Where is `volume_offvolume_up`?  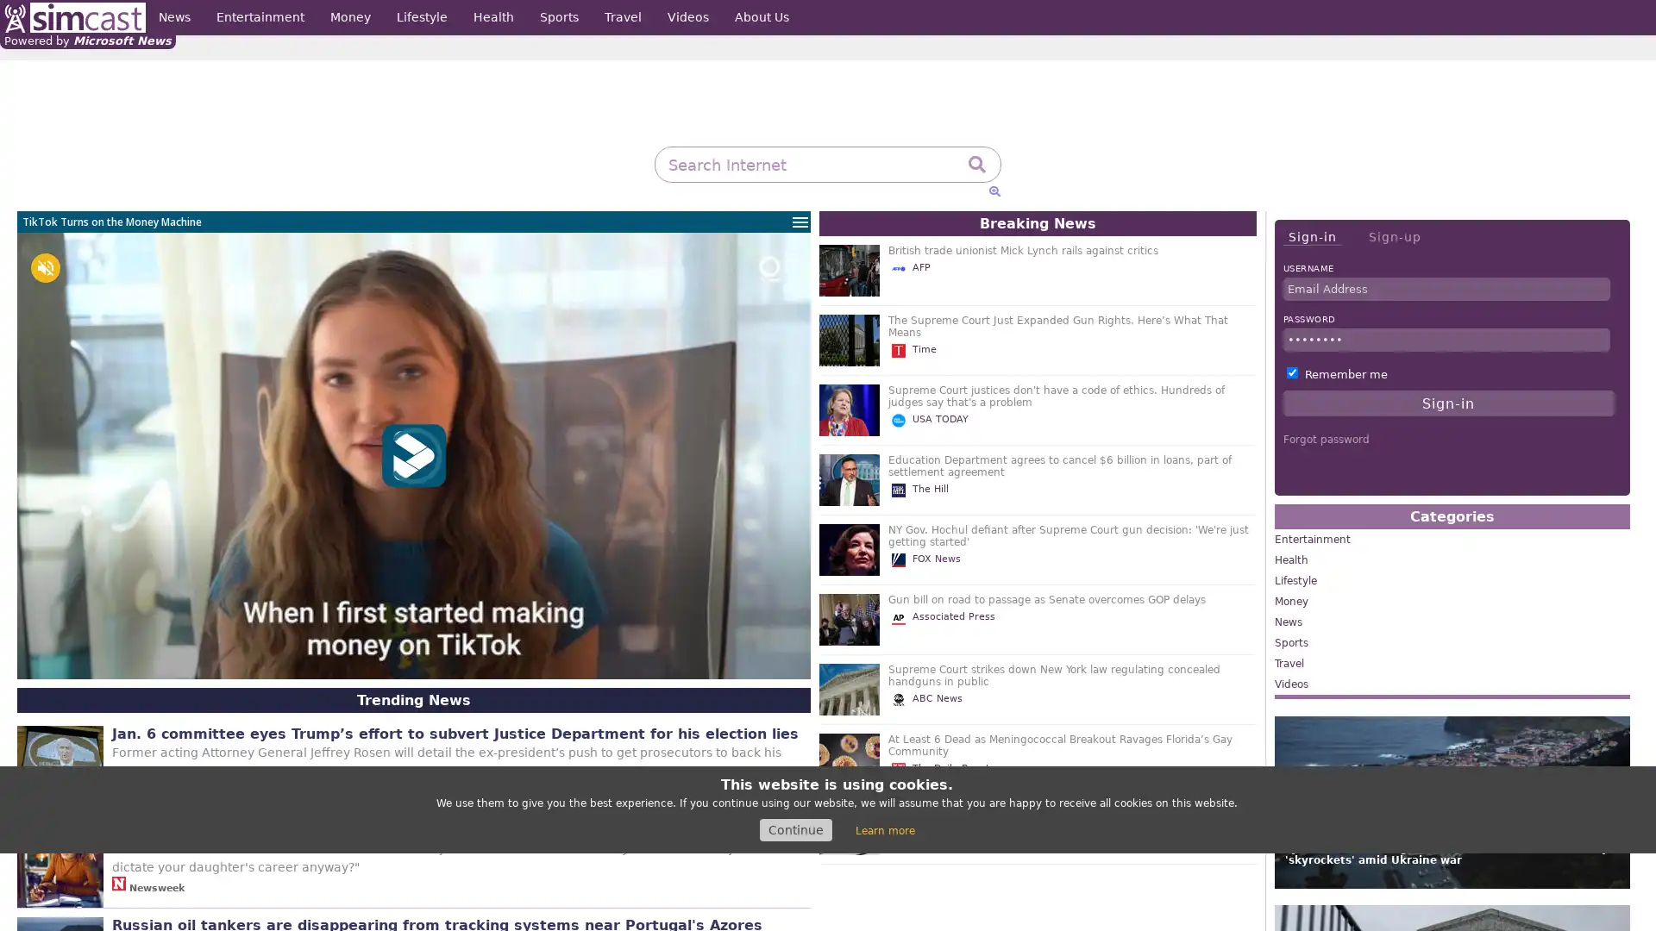 volume_offvolume_up is located at coordinates (45, 268).